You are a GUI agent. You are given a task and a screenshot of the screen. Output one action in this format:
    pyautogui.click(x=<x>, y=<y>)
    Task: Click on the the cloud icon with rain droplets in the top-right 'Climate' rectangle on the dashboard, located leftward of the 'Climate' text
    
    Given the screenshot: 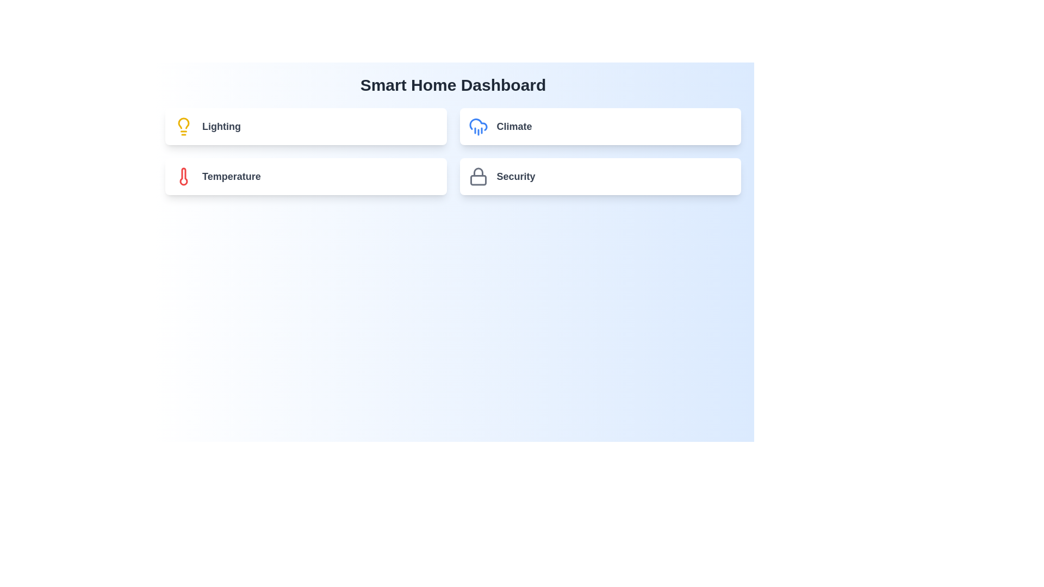 What is the action you would take?
    pyautogui.click(x=478, y=126)
    